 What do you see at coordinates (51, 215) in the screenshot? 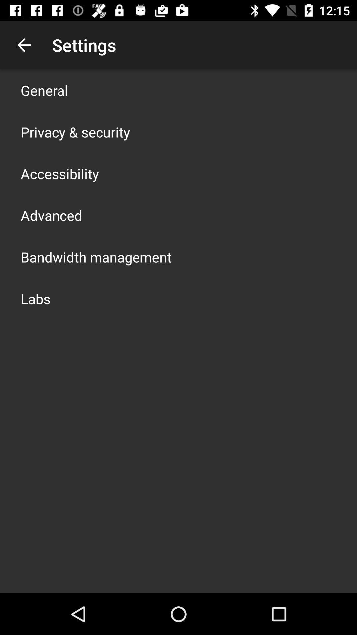
I see `advanced app` at bounding box center [51, 215].